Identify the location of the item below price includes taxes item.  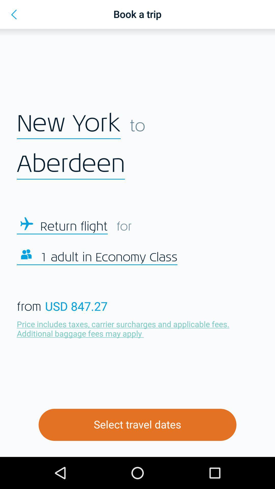
(137, 425).